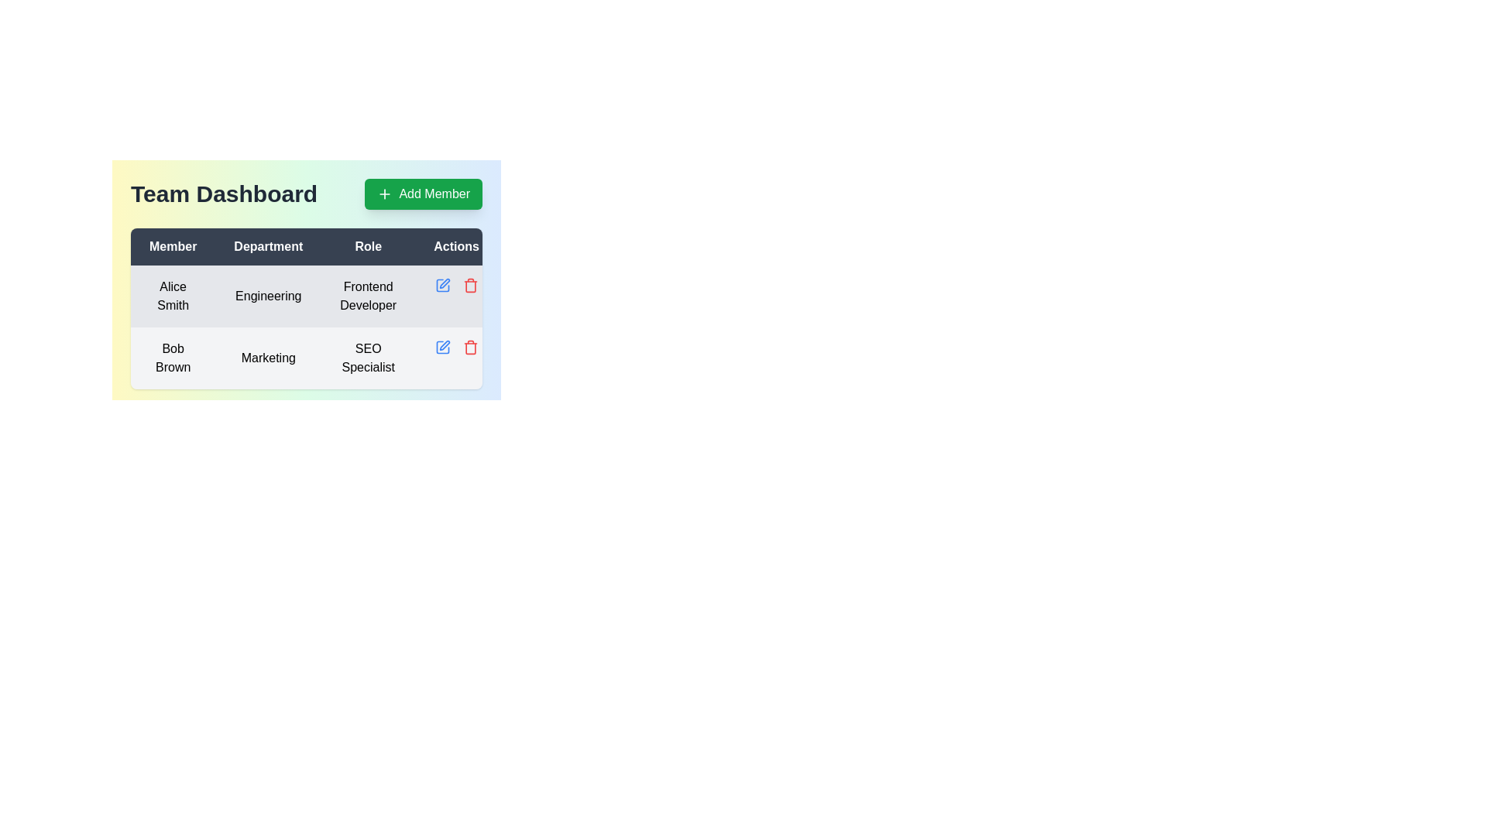 This screenshot has height=836, width=1487. I want to click on the text label displaying 'Member' which is located in the top-left corner of the table within the group of column headers, so click(173, 246).